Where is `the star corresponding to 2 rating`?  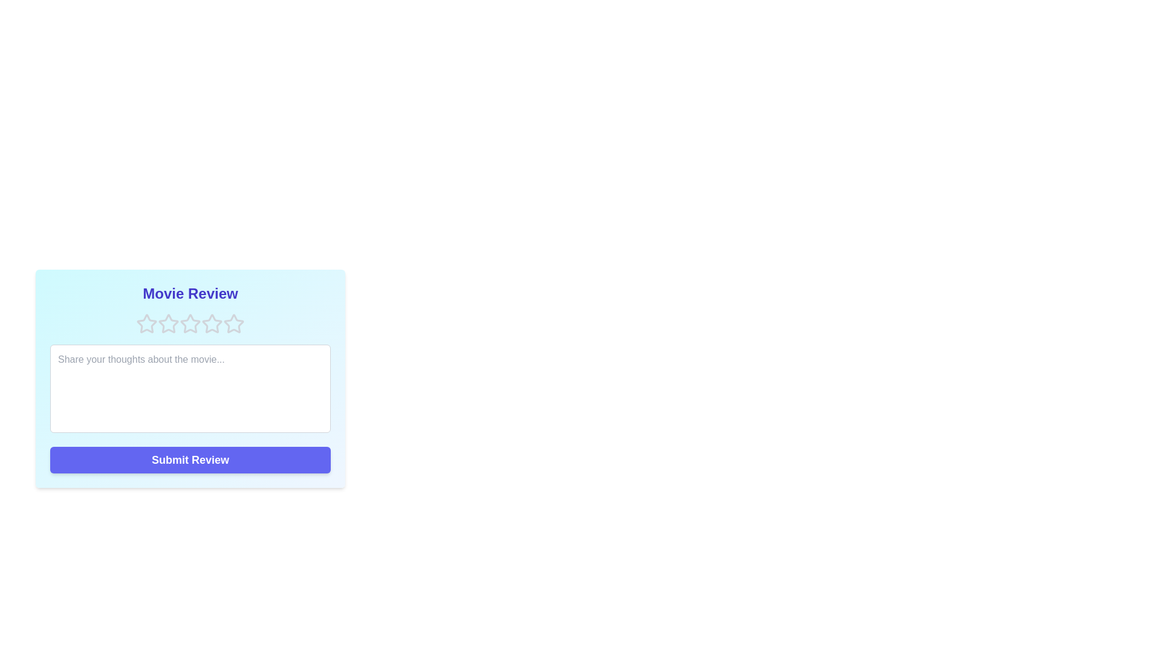
the star corresponding to 2 rating is located at coordinates (167, 323).